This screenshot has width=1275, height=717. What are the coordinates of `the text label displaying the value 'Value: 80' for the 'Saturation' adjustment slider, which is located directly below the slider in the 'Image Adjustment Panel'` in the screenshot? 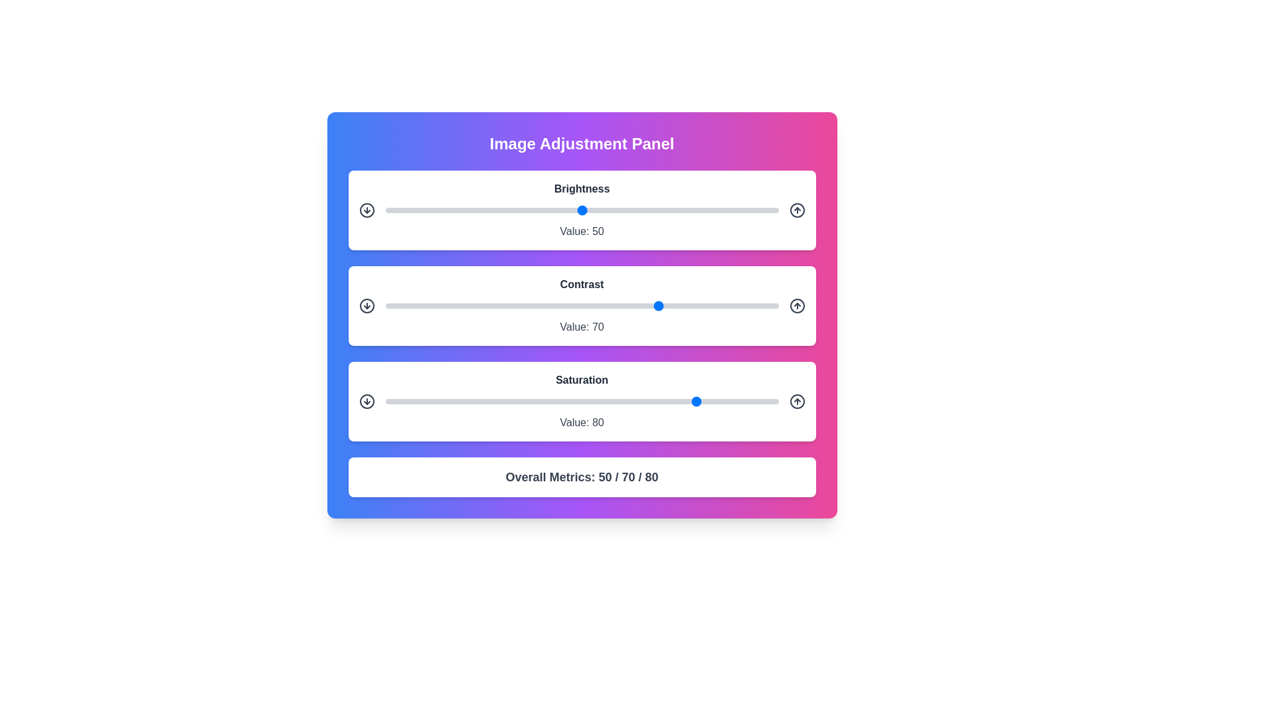 It's located at (582, 422).